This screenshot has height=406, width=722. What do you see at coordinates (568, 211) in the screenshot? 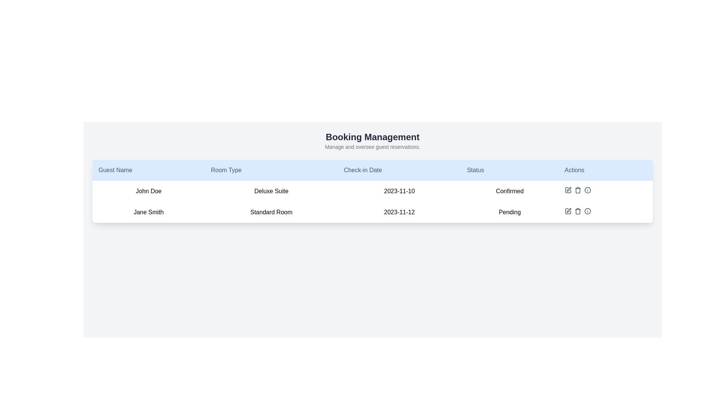
I see `the vector graphic component of the icon associated with 'Jane Smith' in the actions column of the table` at bounding box center [568, 211].